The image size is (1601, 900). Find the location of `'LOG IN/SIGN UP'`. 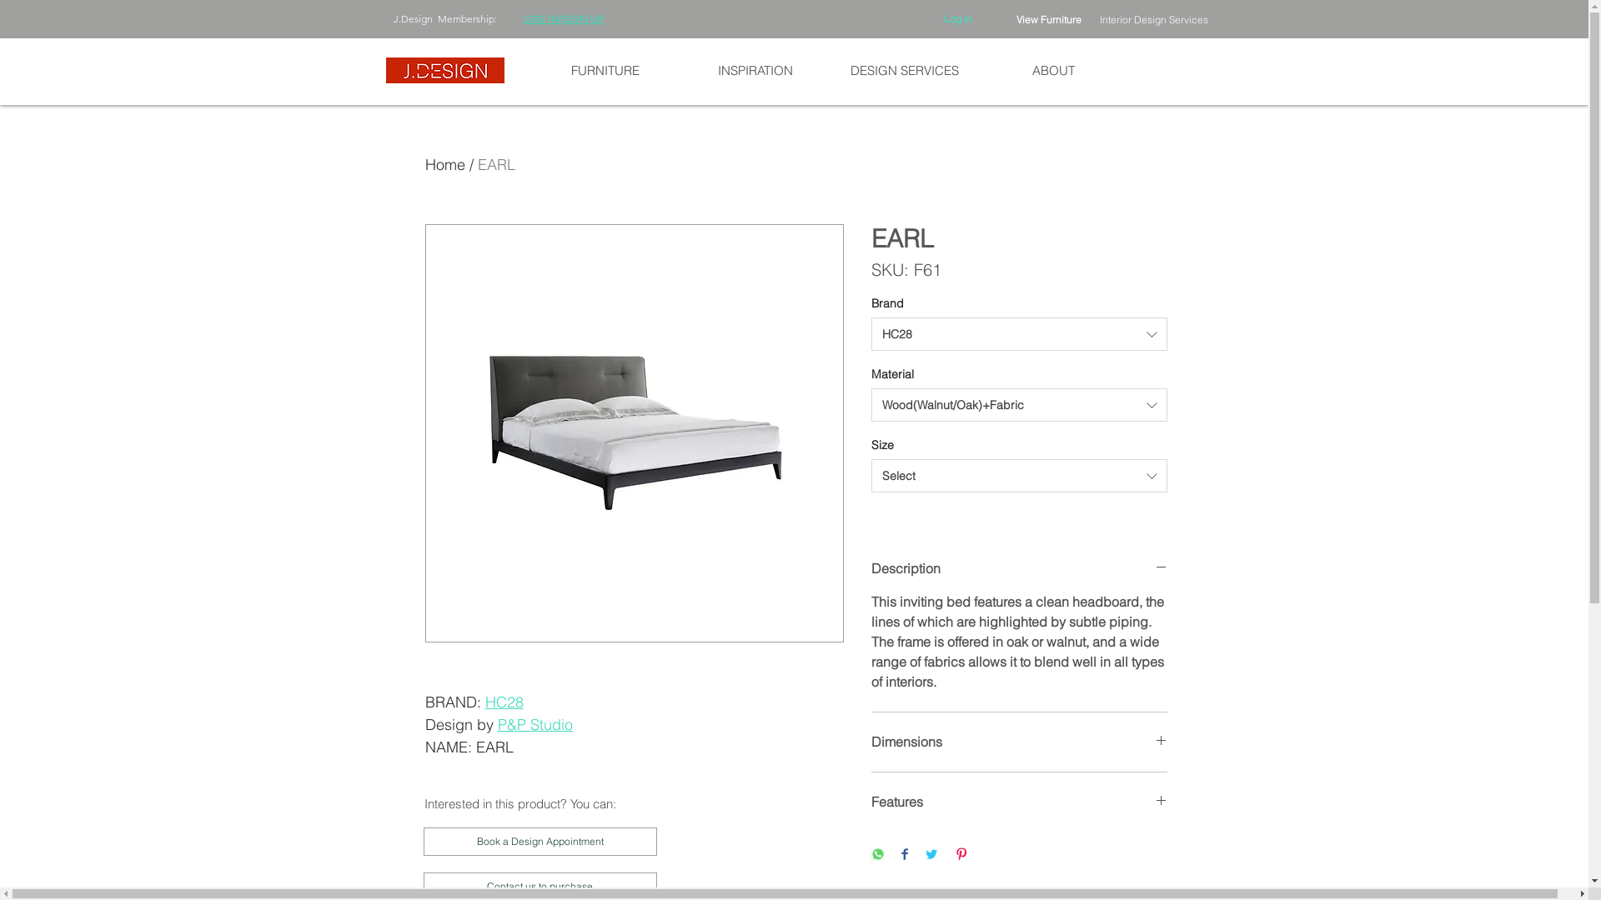

'LOG IN/SIGN UP' is located at coordinates (523, 18).